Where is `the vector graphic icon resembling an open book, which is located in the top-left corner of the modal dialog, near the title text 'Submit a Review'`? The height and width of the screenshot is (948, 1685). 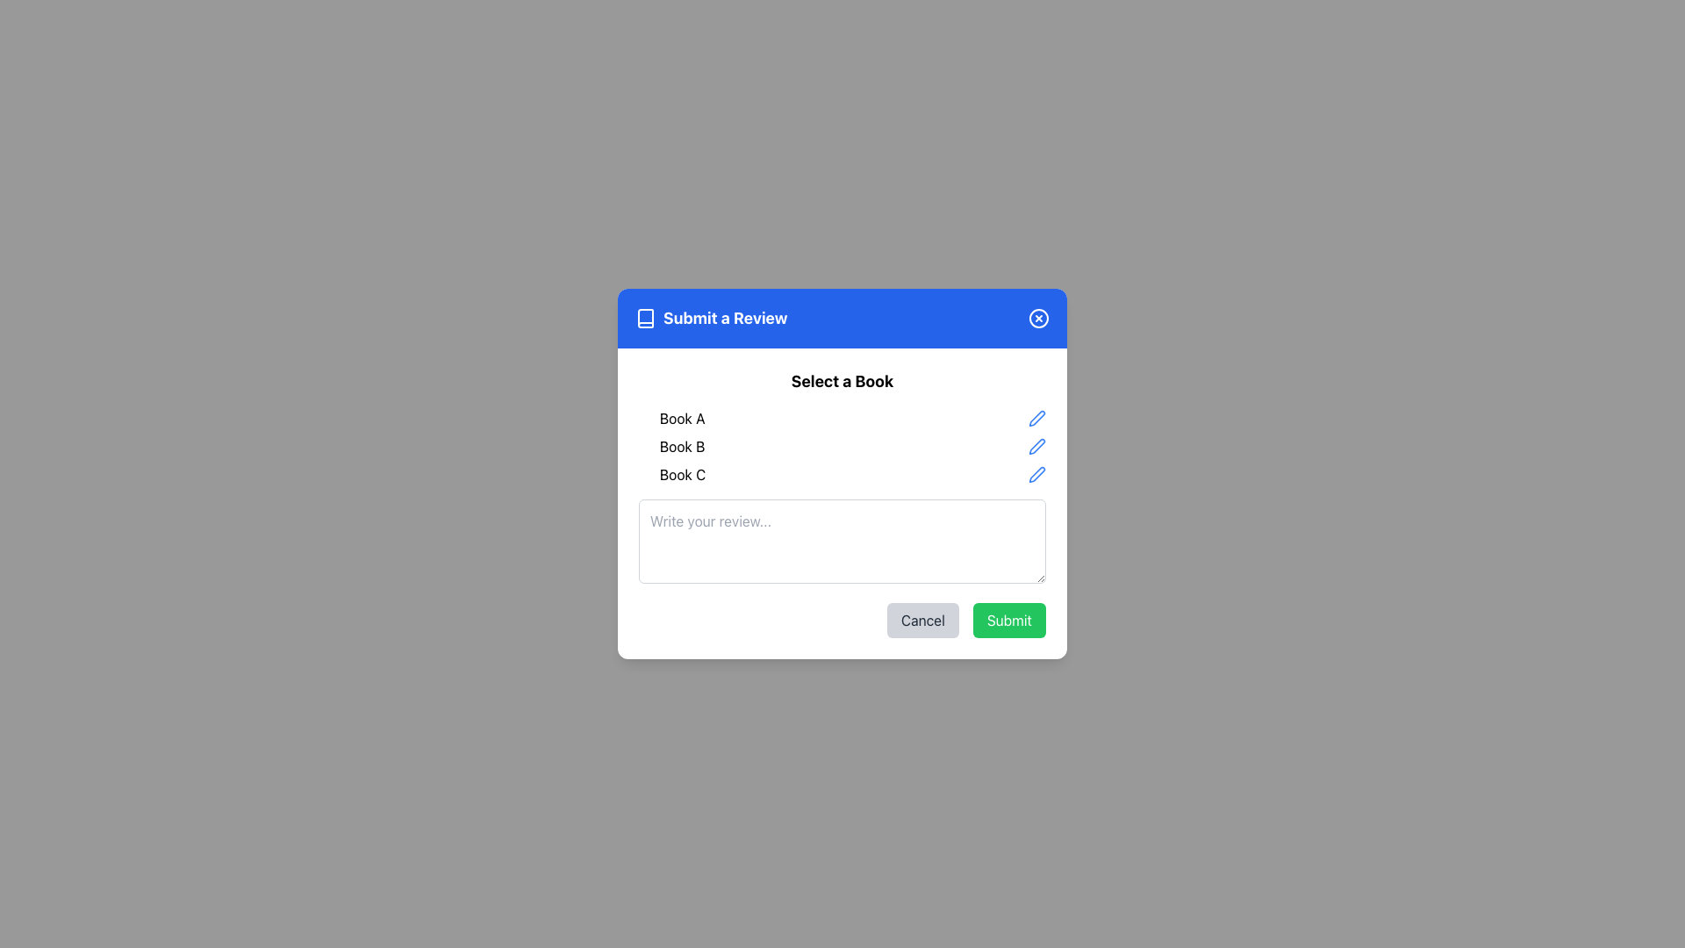
the vector graphic icon resembling an open book, which is located in the top-left corner of the modal dialog, near the title text 'Submit a Review' is located at coordinates (644, 318).